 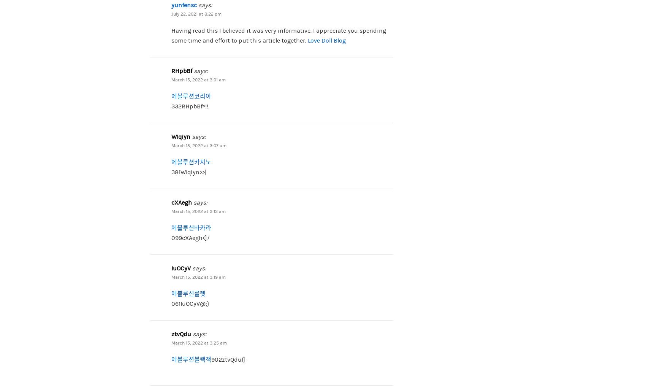 I want to click on 'March 15, 2022 at 3:19 am', so click(x=198, y=276).